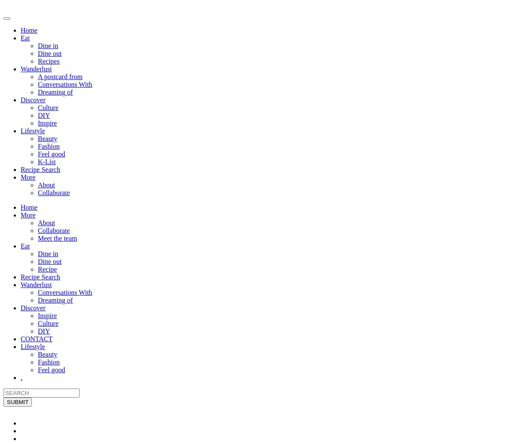  Describe the element at coordinates (47, 269) in the screenshot. I see `'Recipe'` at that location.